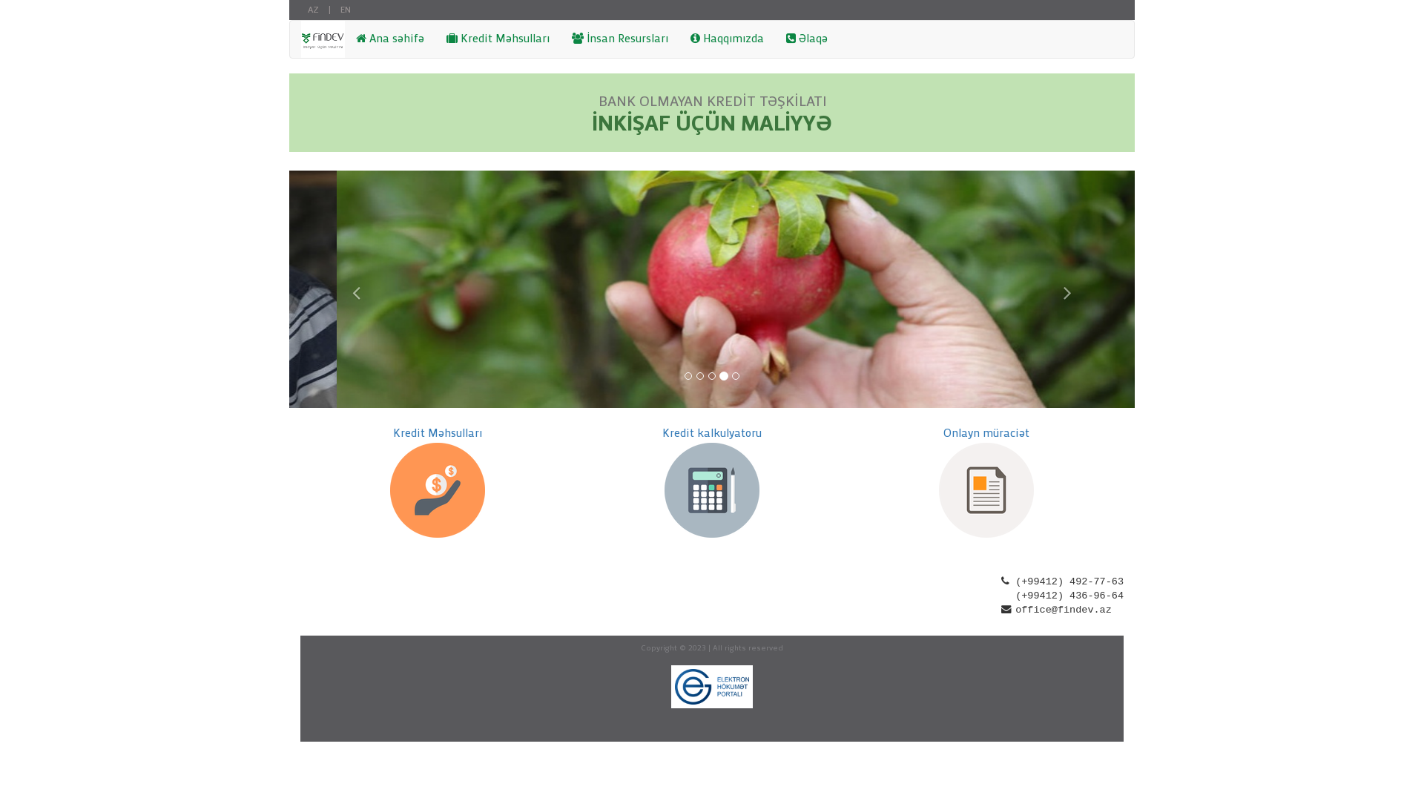  What do you see at coordinates (661, 434) in the screenshot?
I see `'Kredit kalkulyatoru'` at bounding box center [661, 434].